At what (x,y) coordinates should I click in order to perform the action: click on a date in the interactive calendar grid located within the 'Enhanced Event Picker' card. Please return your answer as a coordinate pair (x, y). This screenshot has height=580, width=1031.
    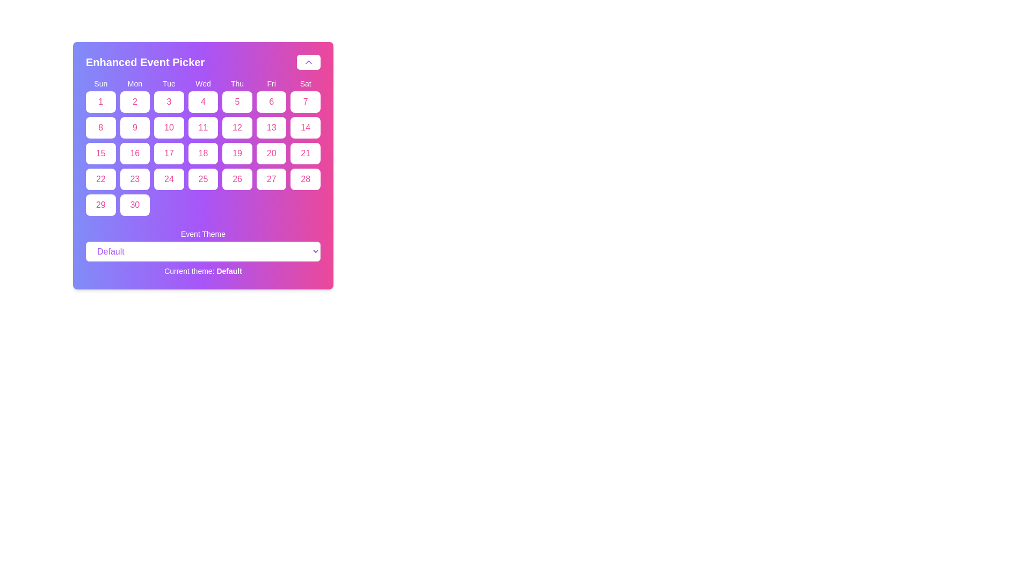
    Looking at the image, I should click on (203, 147).